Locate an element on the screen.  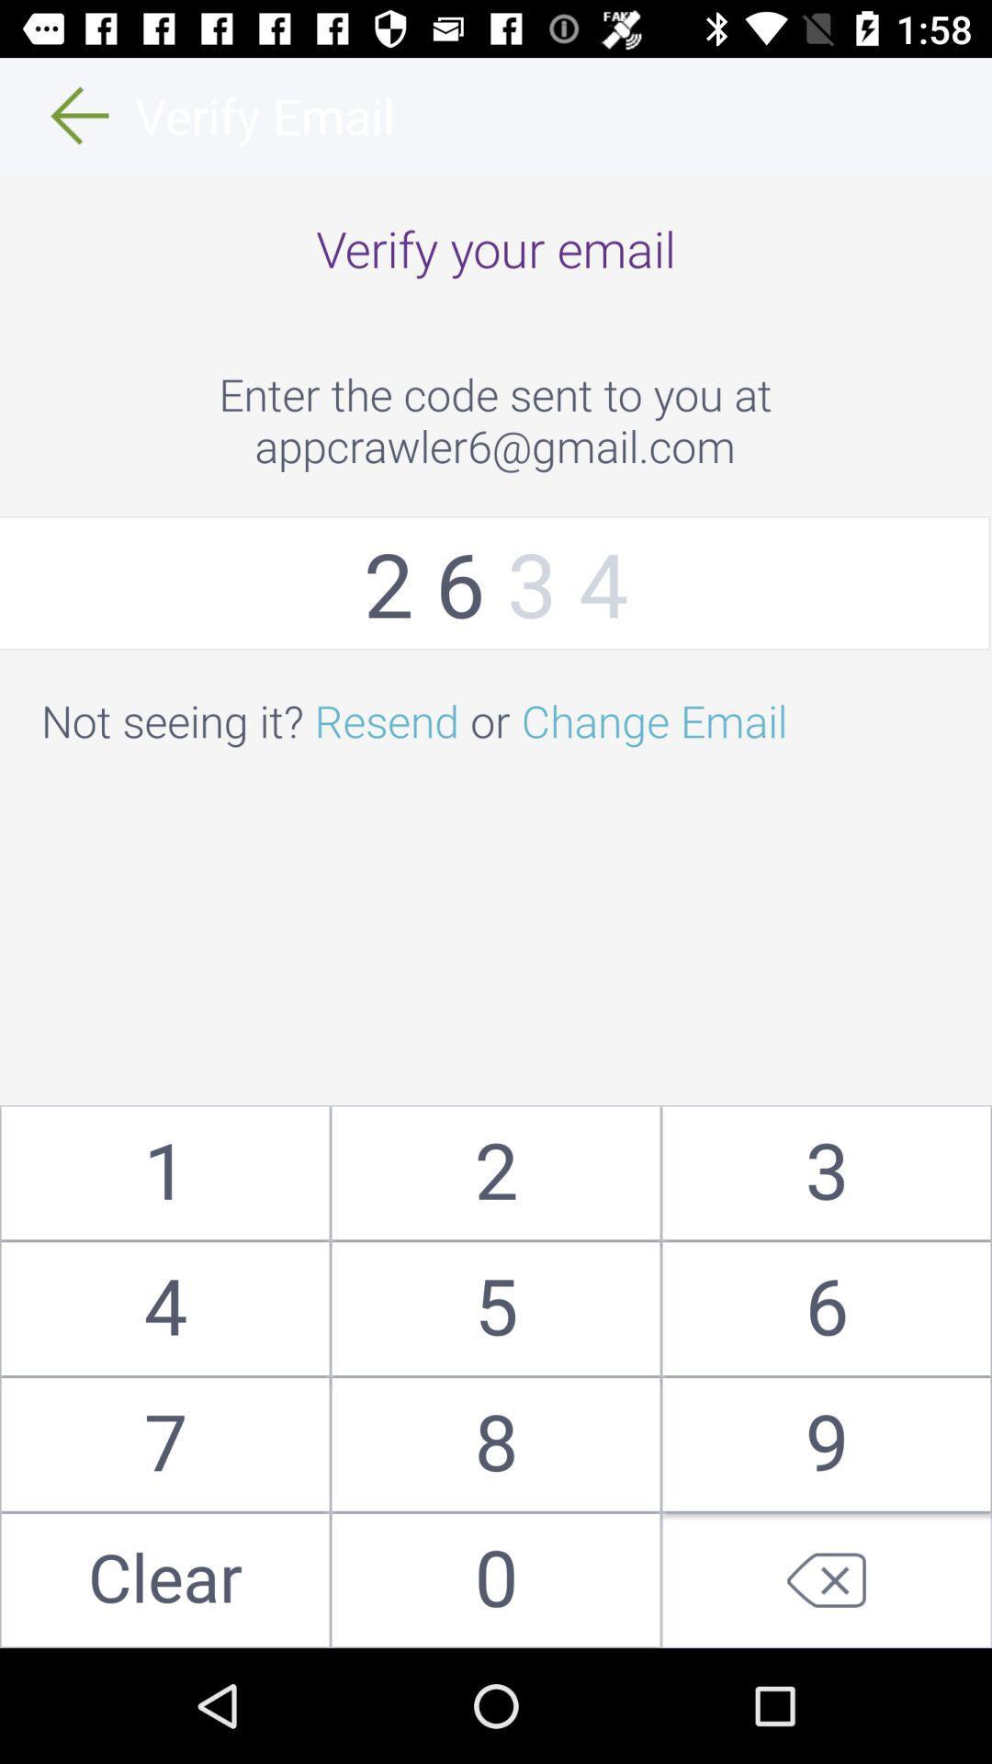
delete last input is located at coordinates (825, 1579).